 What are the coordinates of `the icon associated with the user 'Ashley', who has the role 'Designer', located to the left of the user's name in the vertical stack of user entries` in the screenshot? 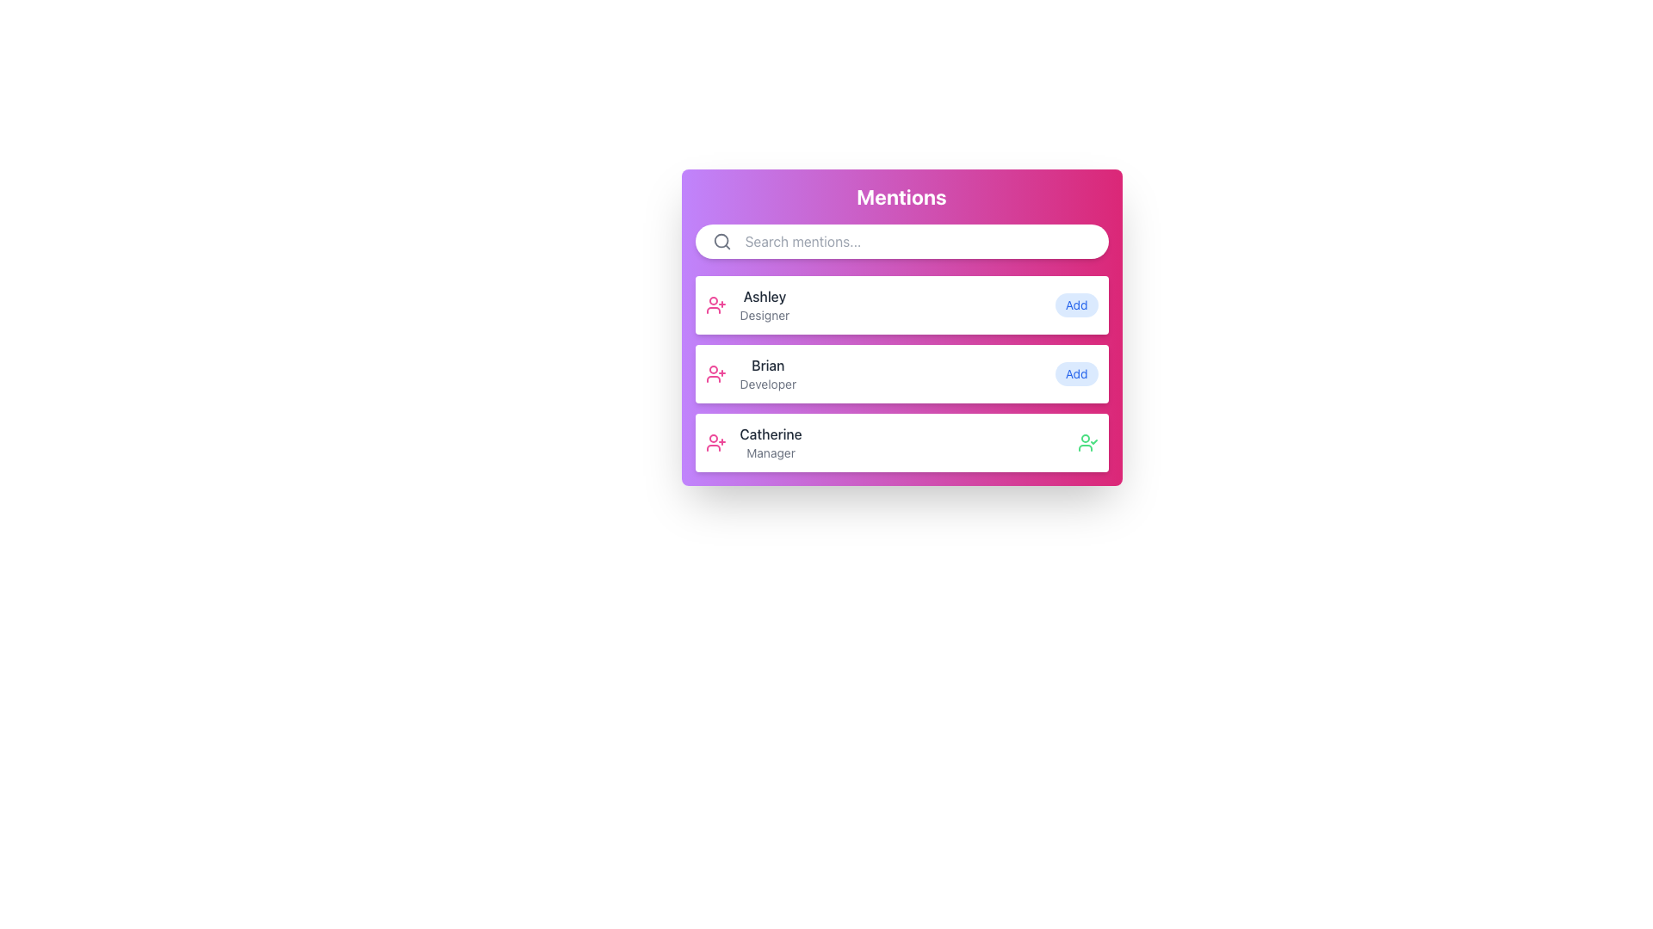 It's located at (715, 304).